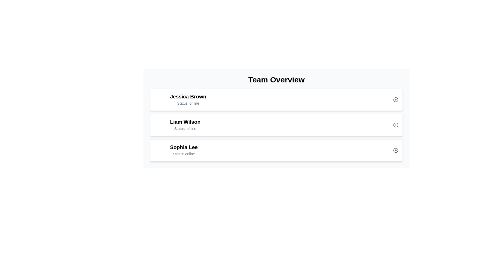  Describe the element at coordinates (184, 154) in the screenshot. I see `the text label styled in a smaller font size with gray color that contains the text 'Status: online', located below 'Sophia Lee'` at that location.